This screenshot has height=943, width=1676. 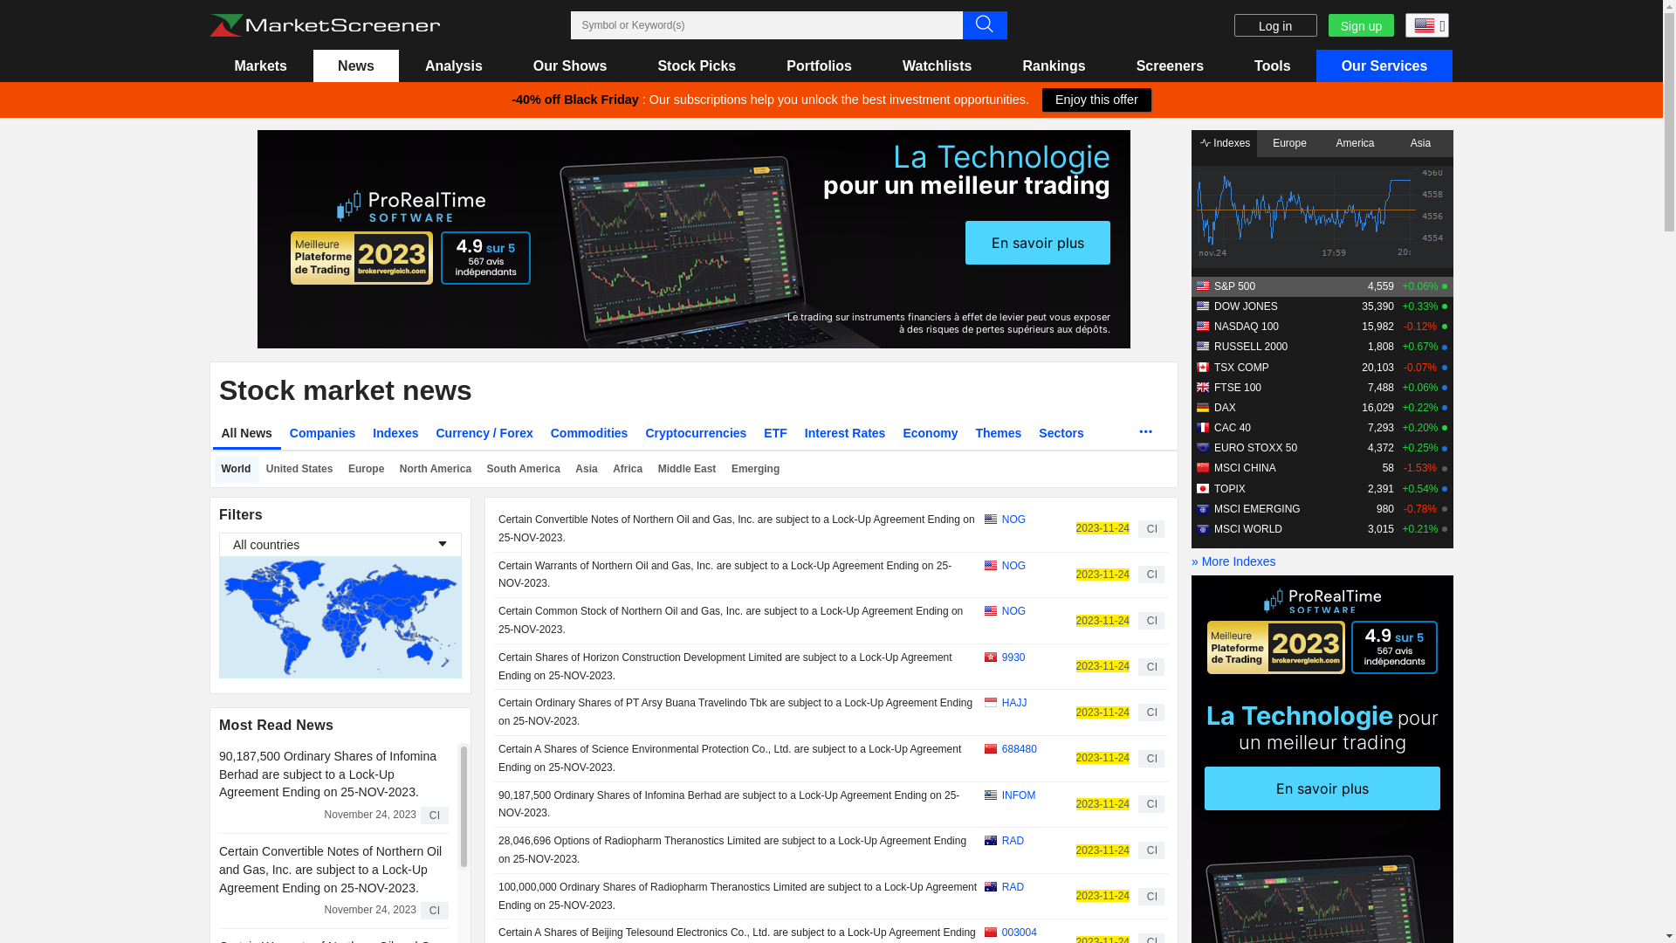 What do you see at coordinates (398, 65) in the screenshot?
I see `'Analysis'` at bounding box center [398, 65].